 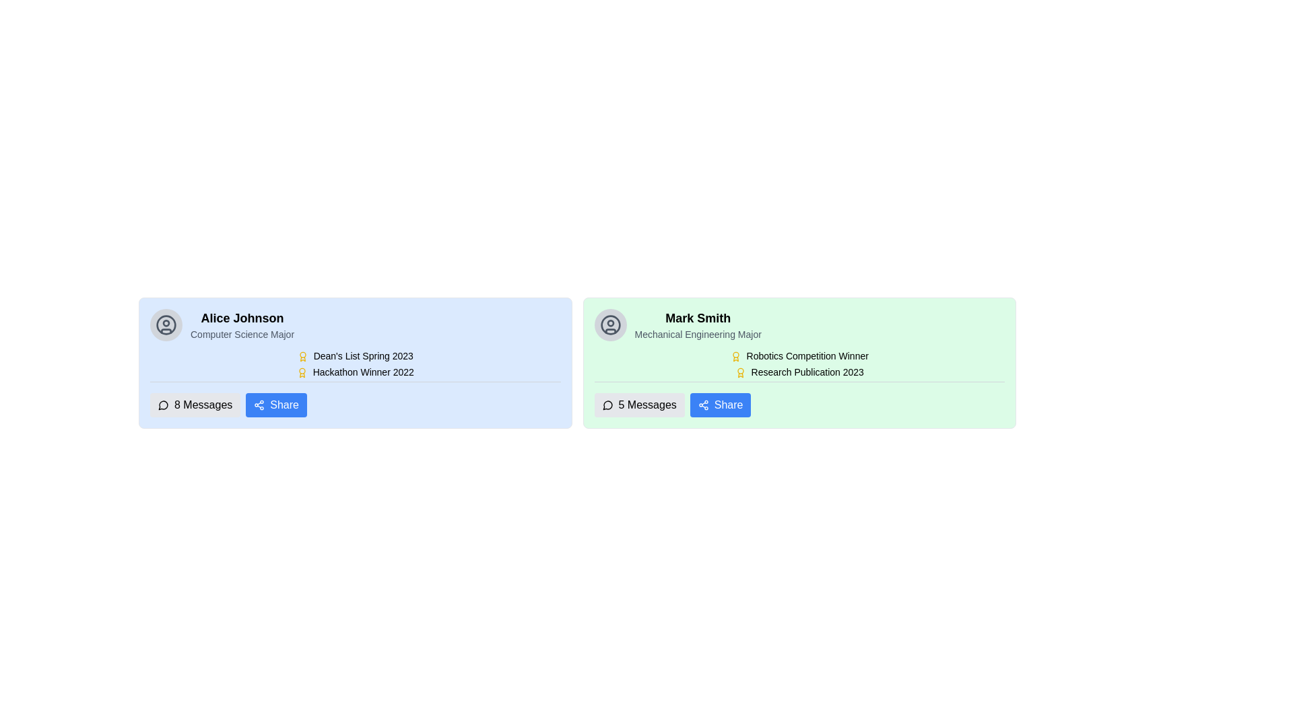 I want to click on the user profile icon for 'Alice Johnson', so click(x=165, y=324).